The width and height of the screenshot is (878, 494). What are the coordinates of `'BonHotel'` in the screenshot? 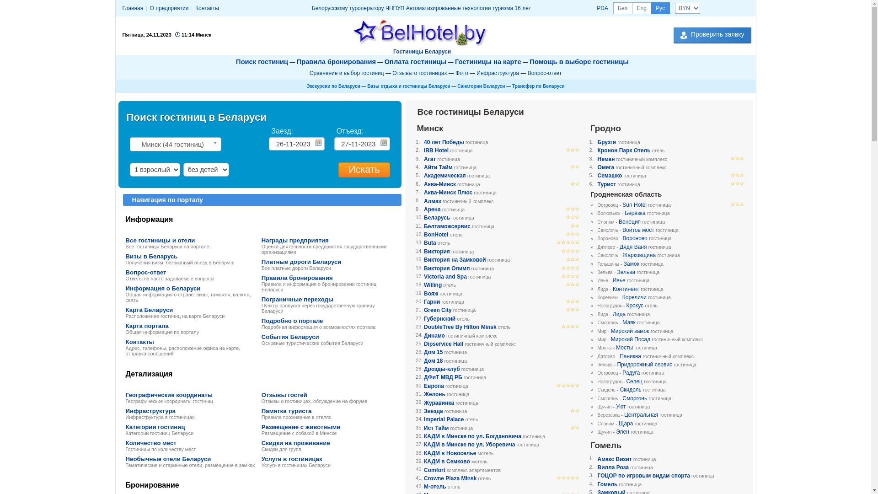 It's located at (423, 234).